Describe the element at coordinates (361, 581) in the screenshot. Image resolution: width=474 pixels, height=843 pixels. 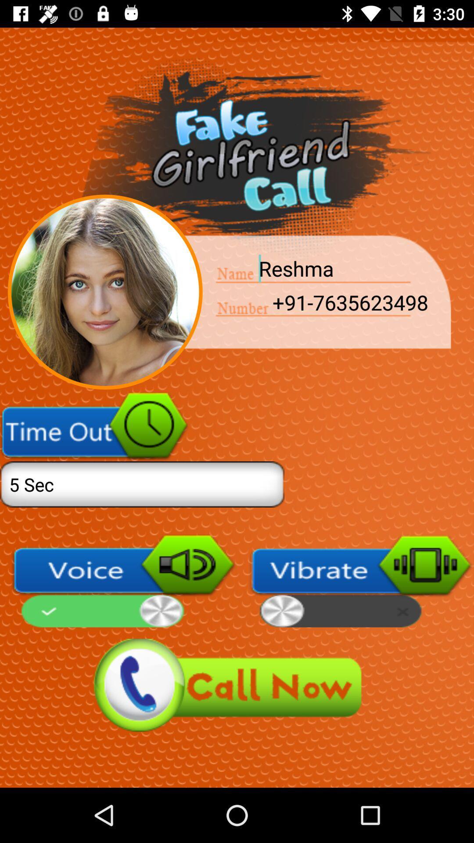
I see `vibrate option` at that location.